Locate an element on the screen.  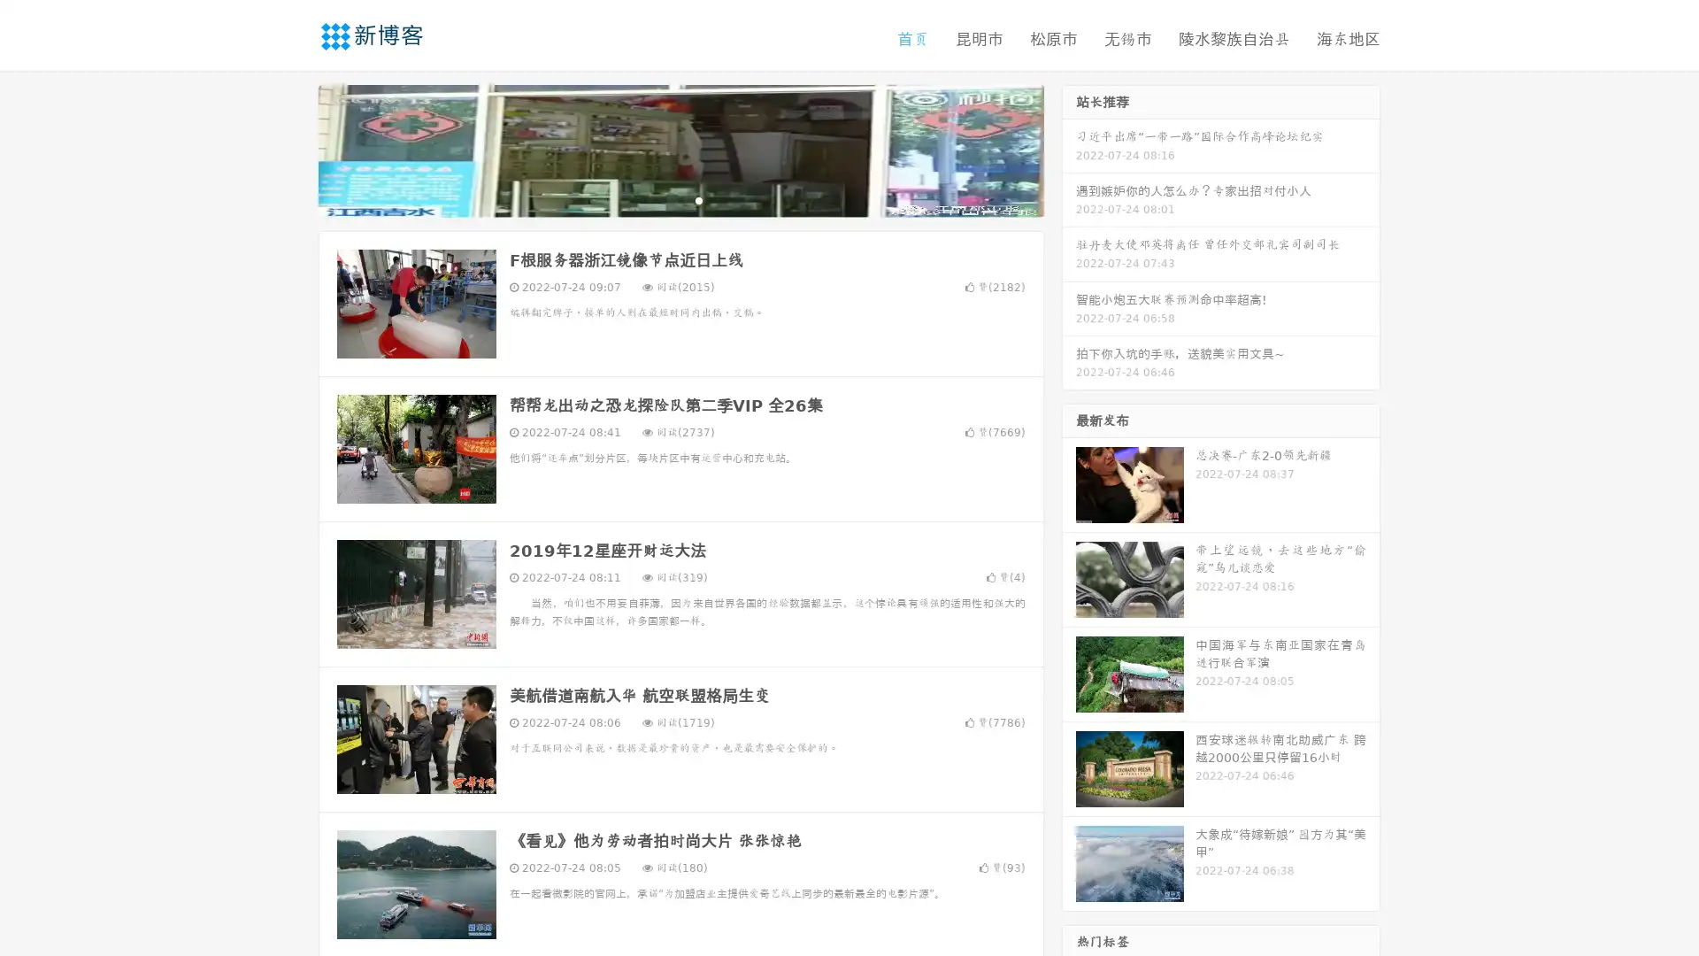
Go to slide 2 is located at coordinates (680, 199).